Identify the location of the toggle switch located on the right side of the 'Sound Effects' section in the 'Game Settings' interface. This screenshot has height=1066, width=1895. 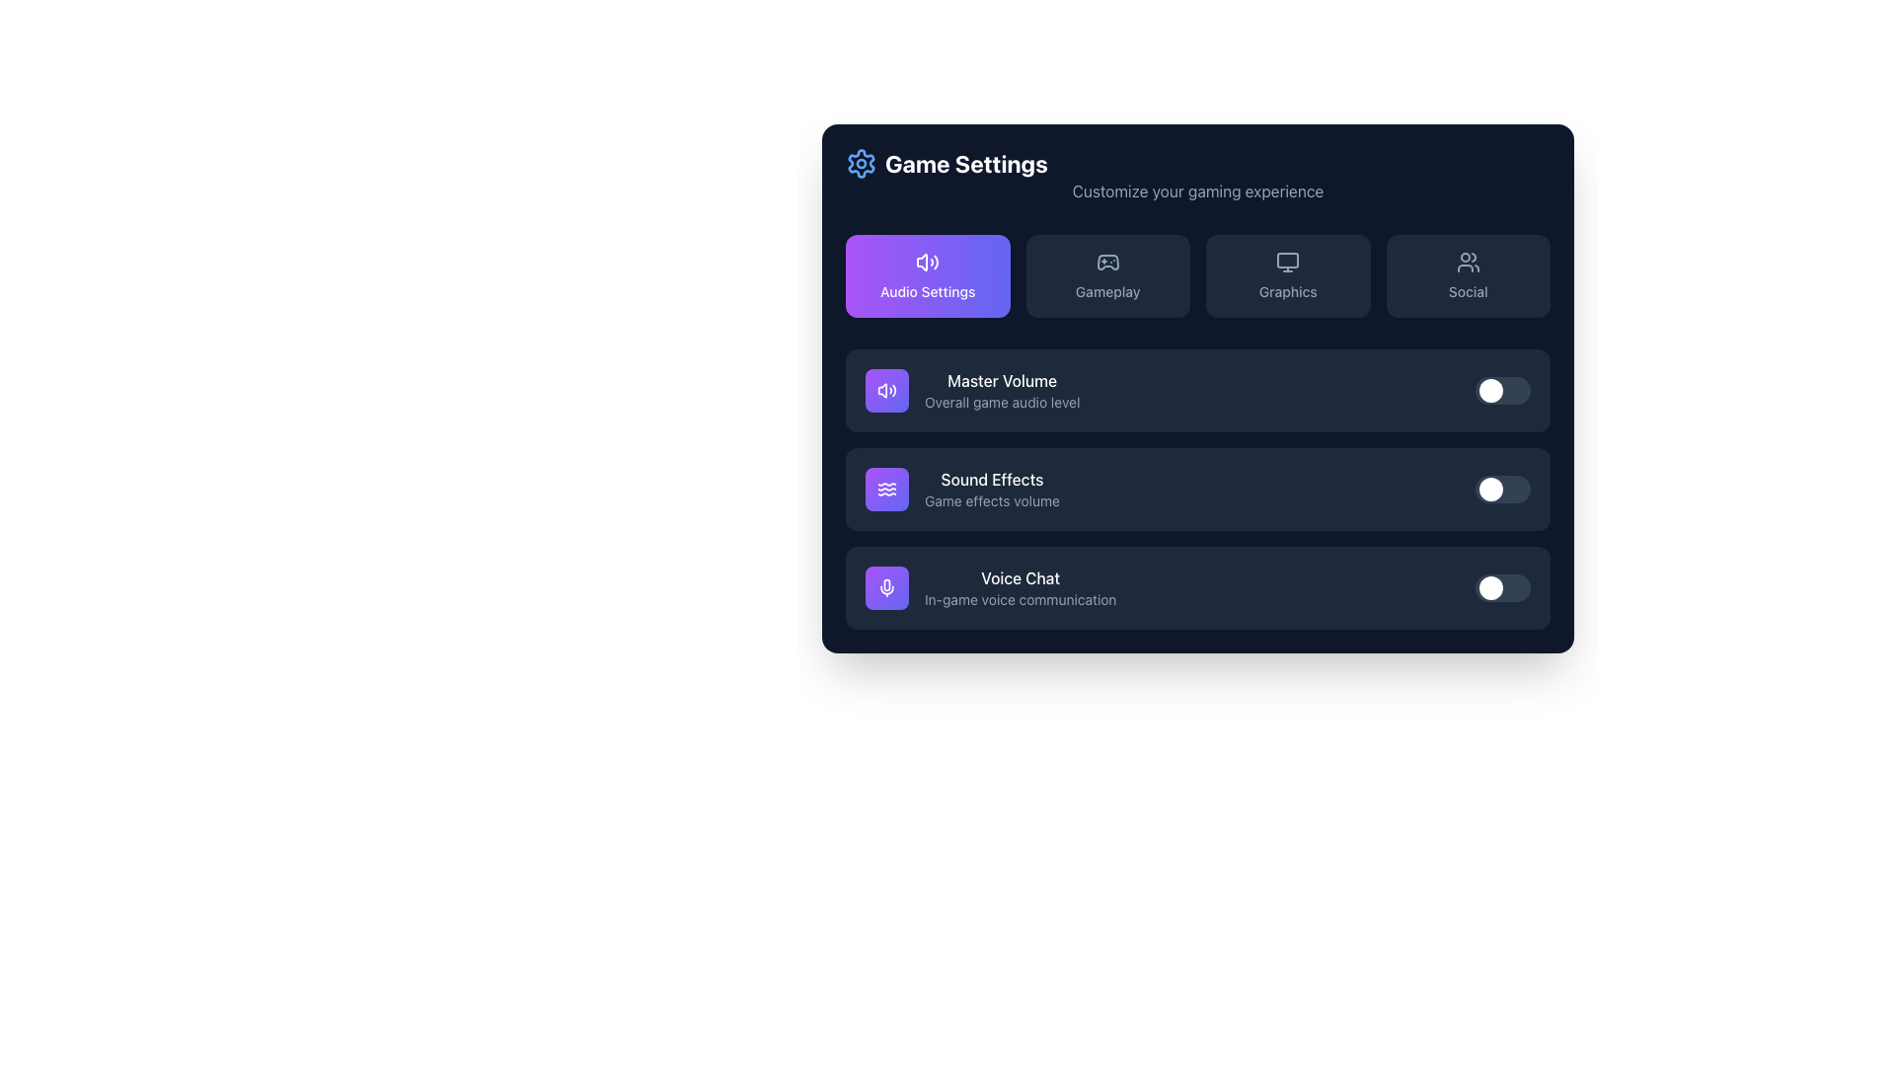
(1501, 489).